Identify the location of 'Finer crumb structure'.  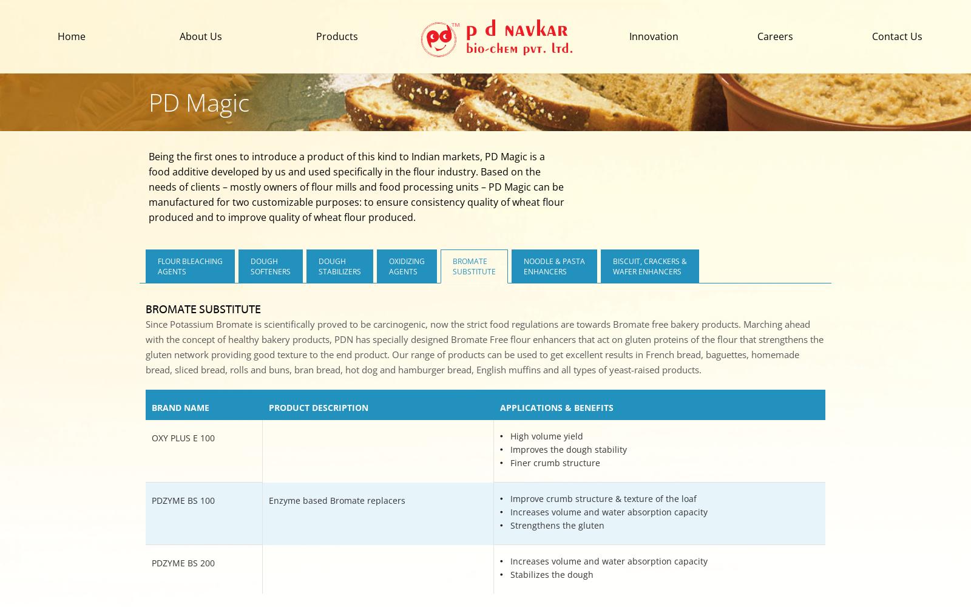
(555, 463).